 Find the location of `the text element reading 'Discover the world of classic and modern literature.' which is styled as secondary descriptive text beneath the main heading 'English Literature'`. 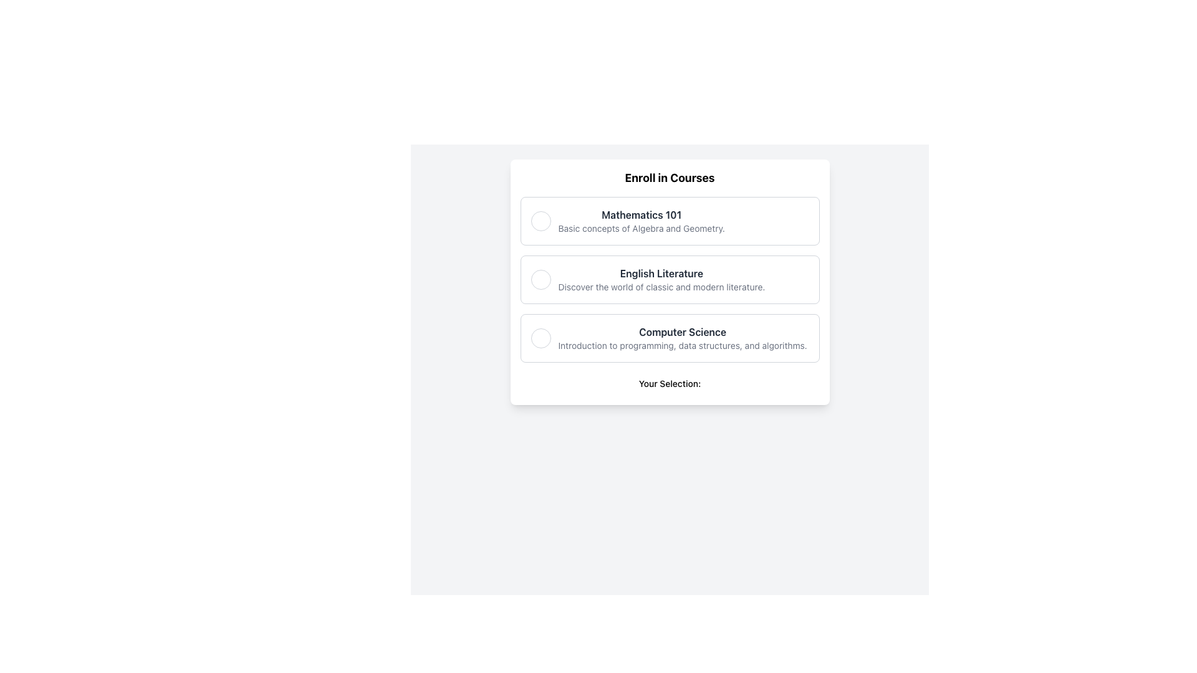

the text element reading 'Discover the world of classic and modern literature.' which is styled as secondary descriptive text beneath the main heading 'English Literature' is located at coordinates (661, 287).